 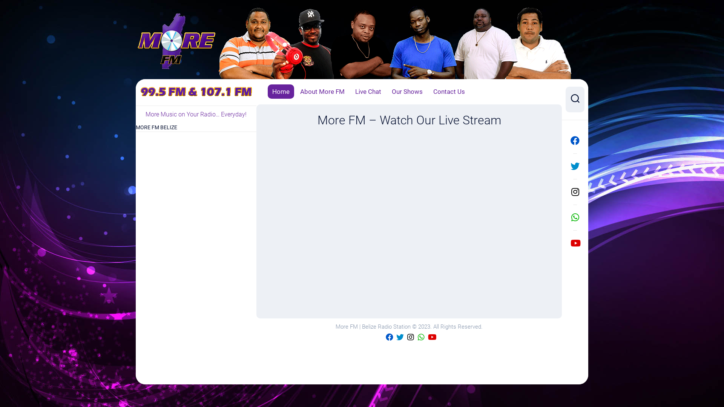 I want to click on 'Whatsapp', so click(x=575, y=217).